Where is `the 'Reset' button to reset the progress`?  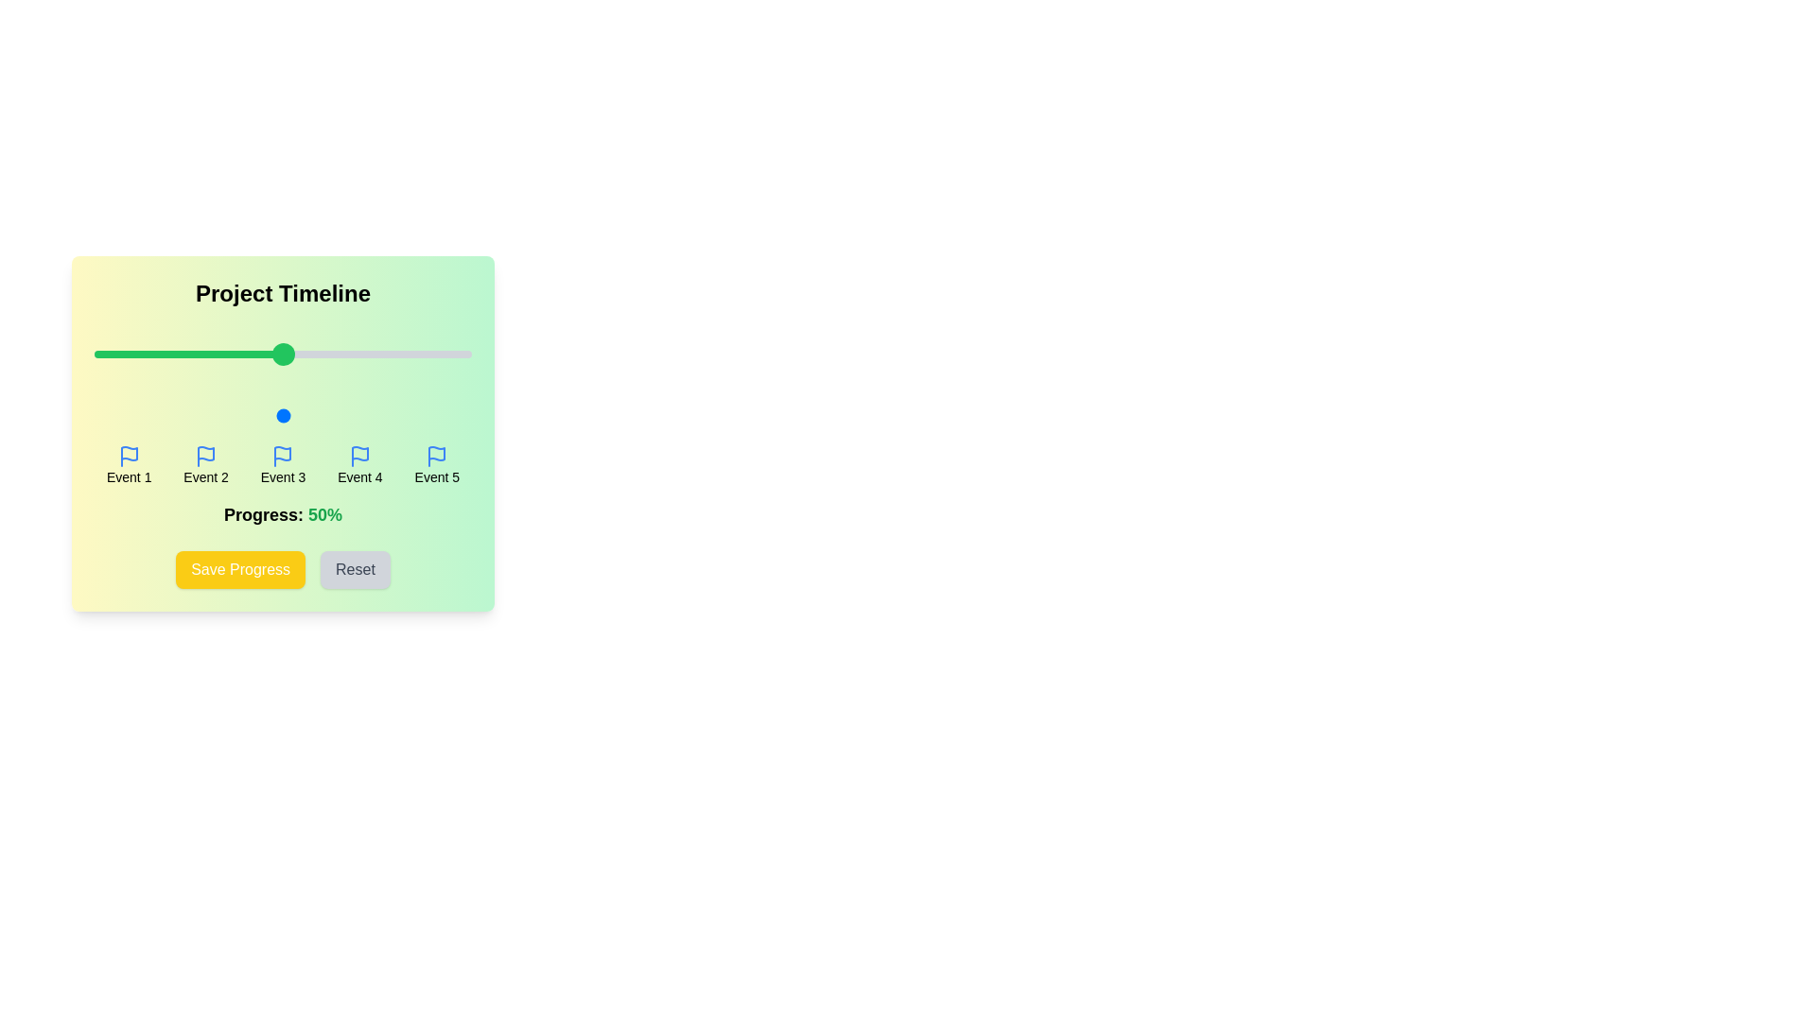
the 'Reset' button to reset the progress is located at coordinates (355, 568).